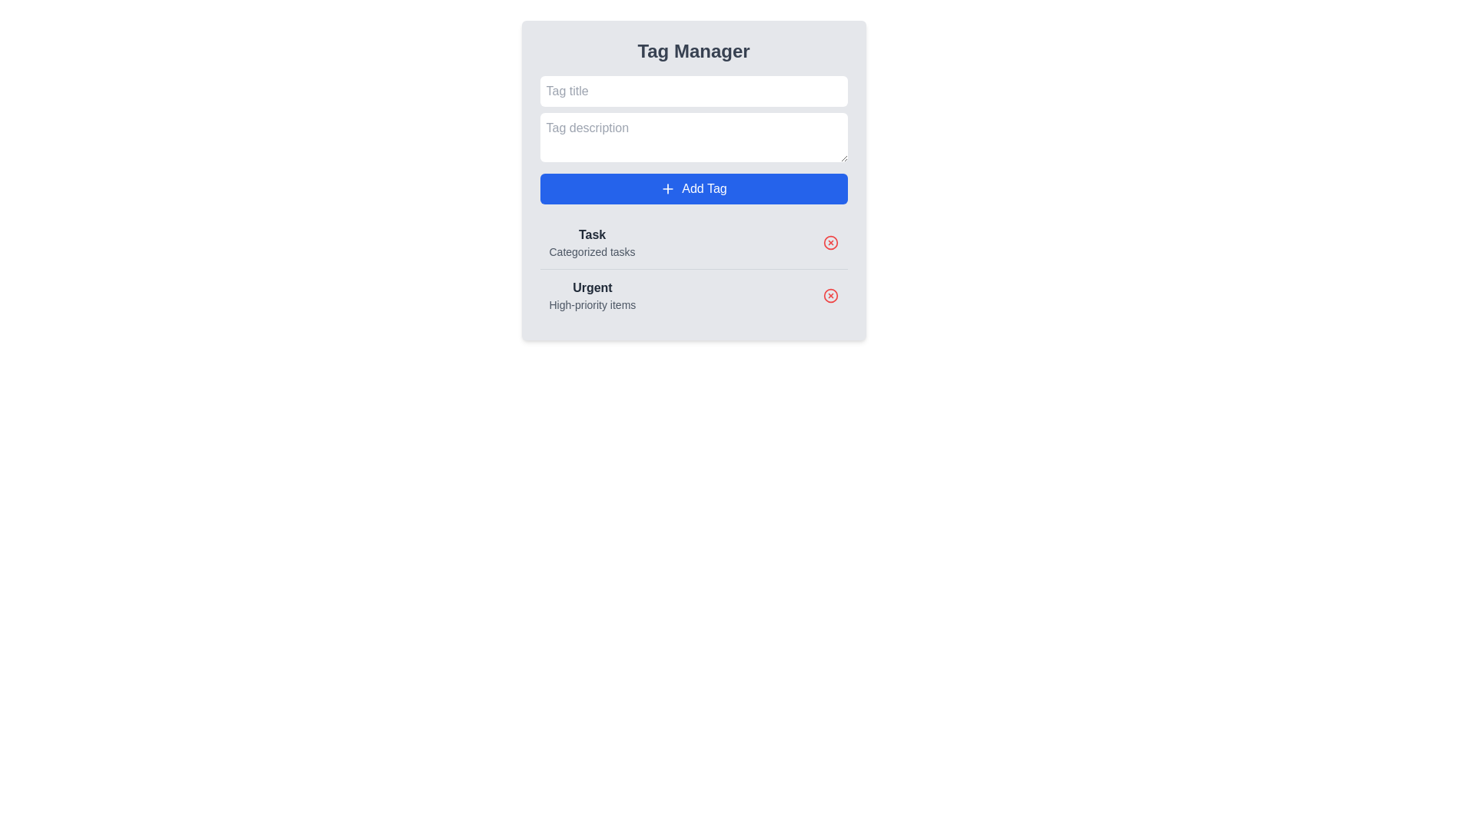  Describe the element at coordinates (591, 287) in the screenshot. I see `the 'Urgent' label in the 'Tag Manager' section, which categorizes an item as high priority, positioned above 'High-priority items'` at that location.